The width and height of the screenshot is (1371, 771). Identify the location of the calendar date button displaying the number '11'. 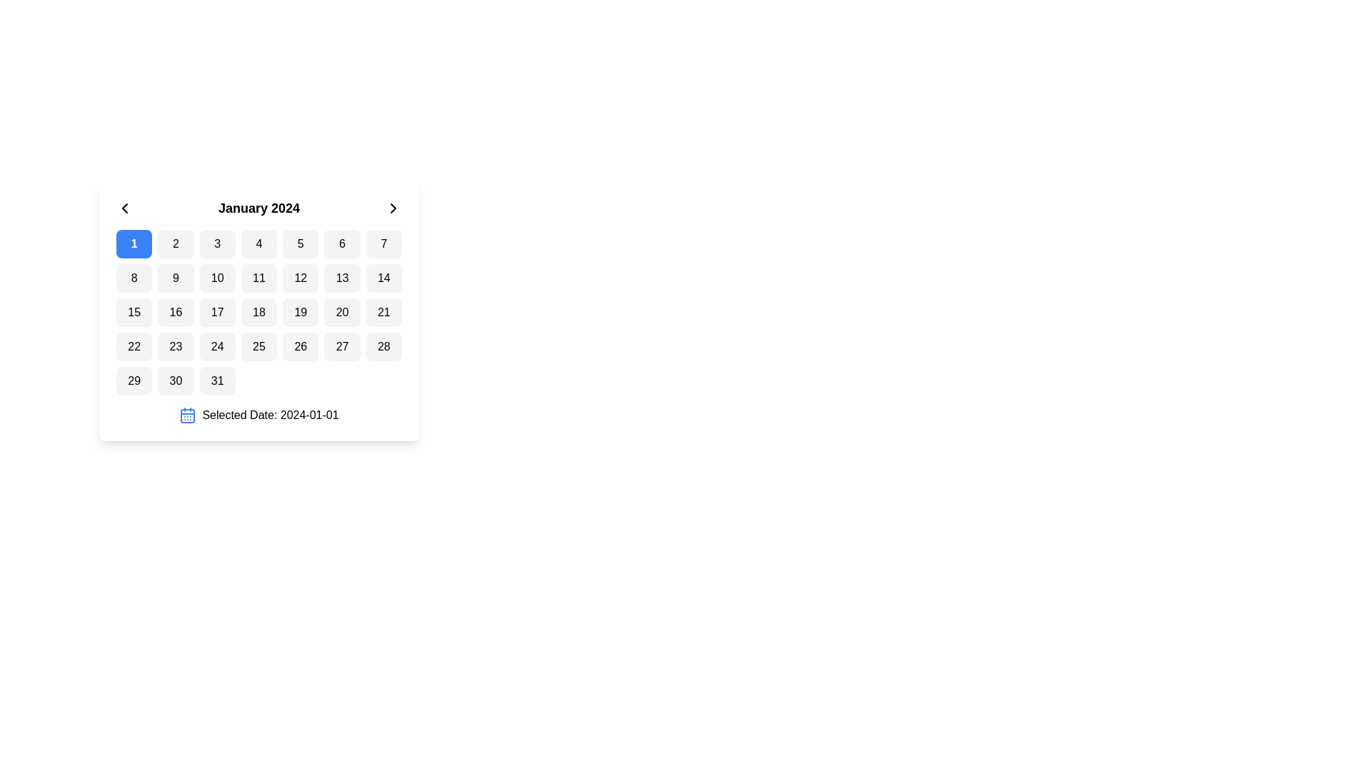
(259, 278).